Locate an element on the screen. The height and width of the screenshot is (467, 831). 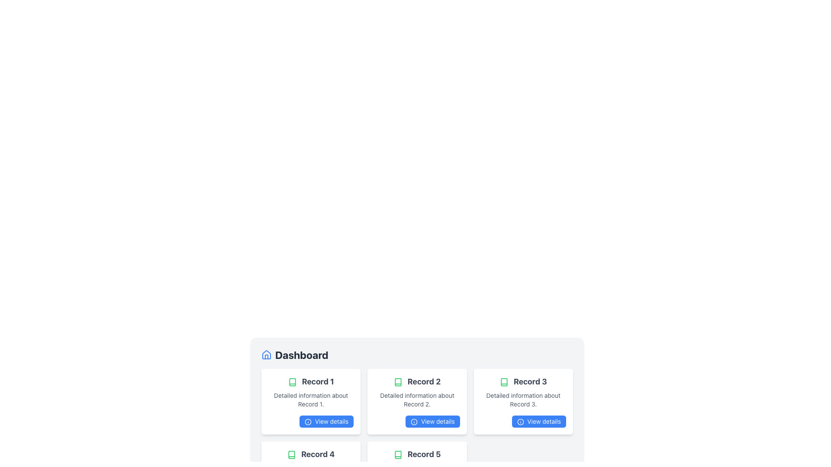
the rectangular button with a blue background and the label 'View details' is located at coordinates (538, 421).